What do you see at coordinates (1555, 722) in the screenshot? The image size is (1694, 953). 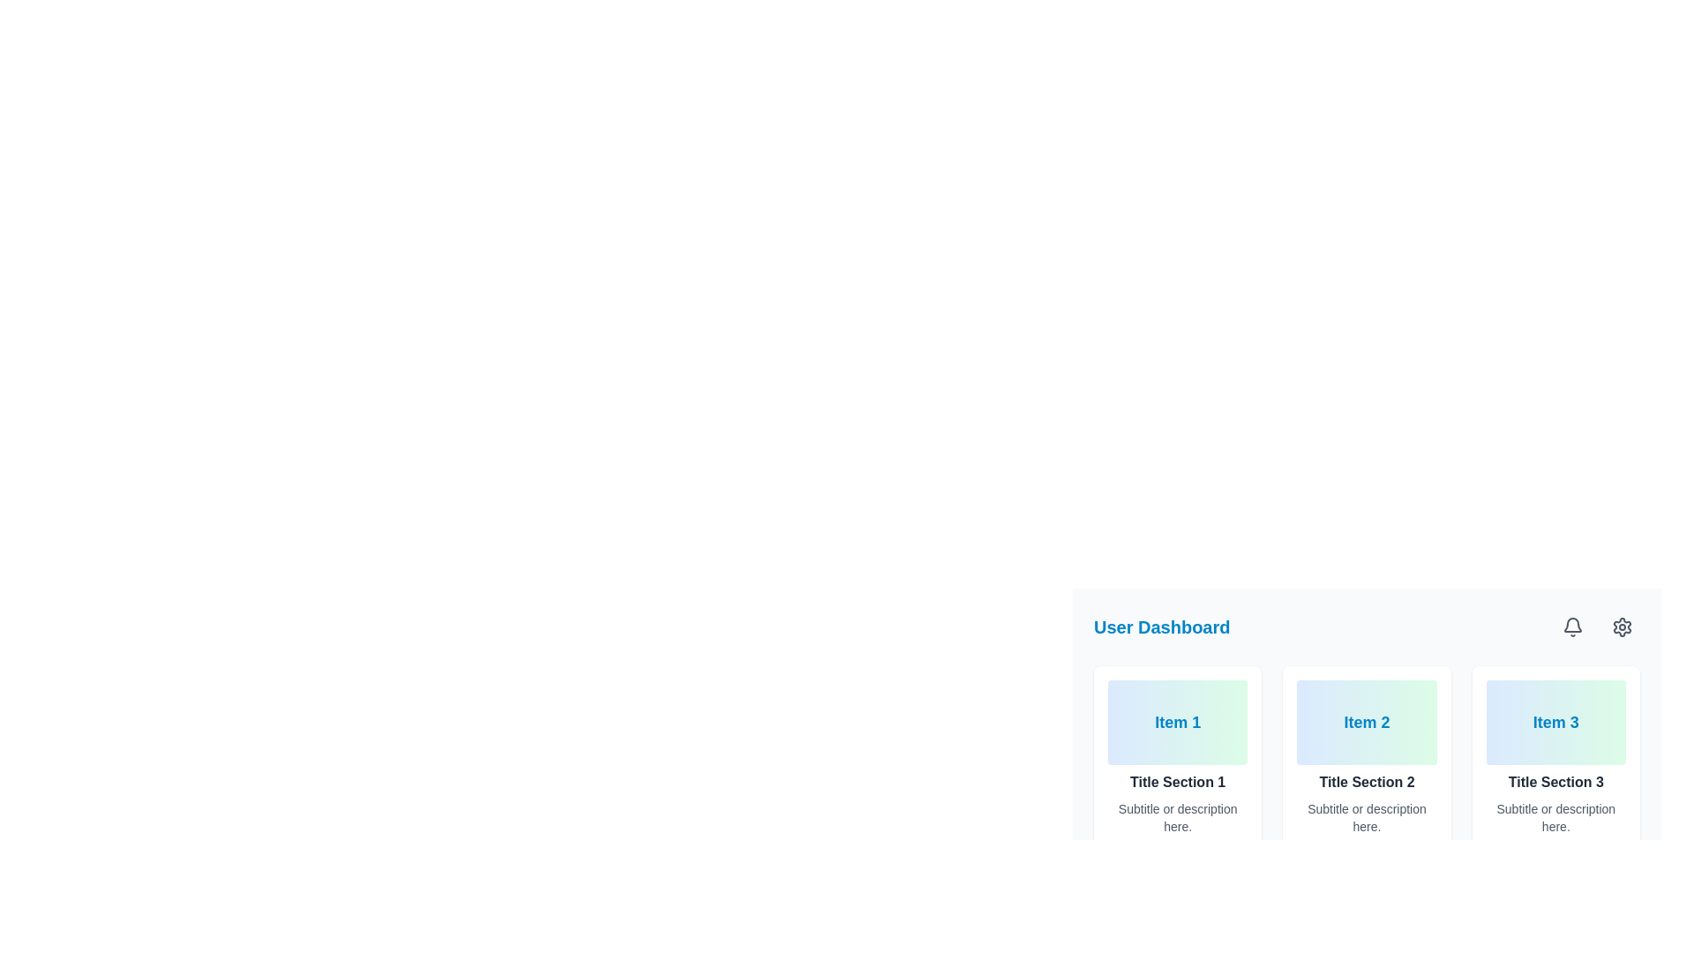 I see `the visual label 'Item 3' within the card component that has a gradient background transitioning from blue to green and features bold, blue-highlighted text` at bounding box center [1555, 722].